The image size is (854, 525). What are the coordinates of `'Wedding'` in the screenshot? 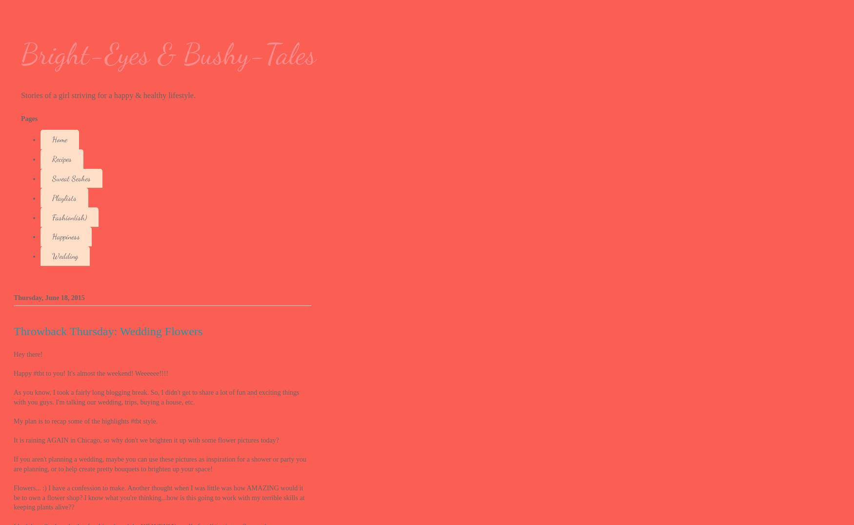 It's located at (52, 256).